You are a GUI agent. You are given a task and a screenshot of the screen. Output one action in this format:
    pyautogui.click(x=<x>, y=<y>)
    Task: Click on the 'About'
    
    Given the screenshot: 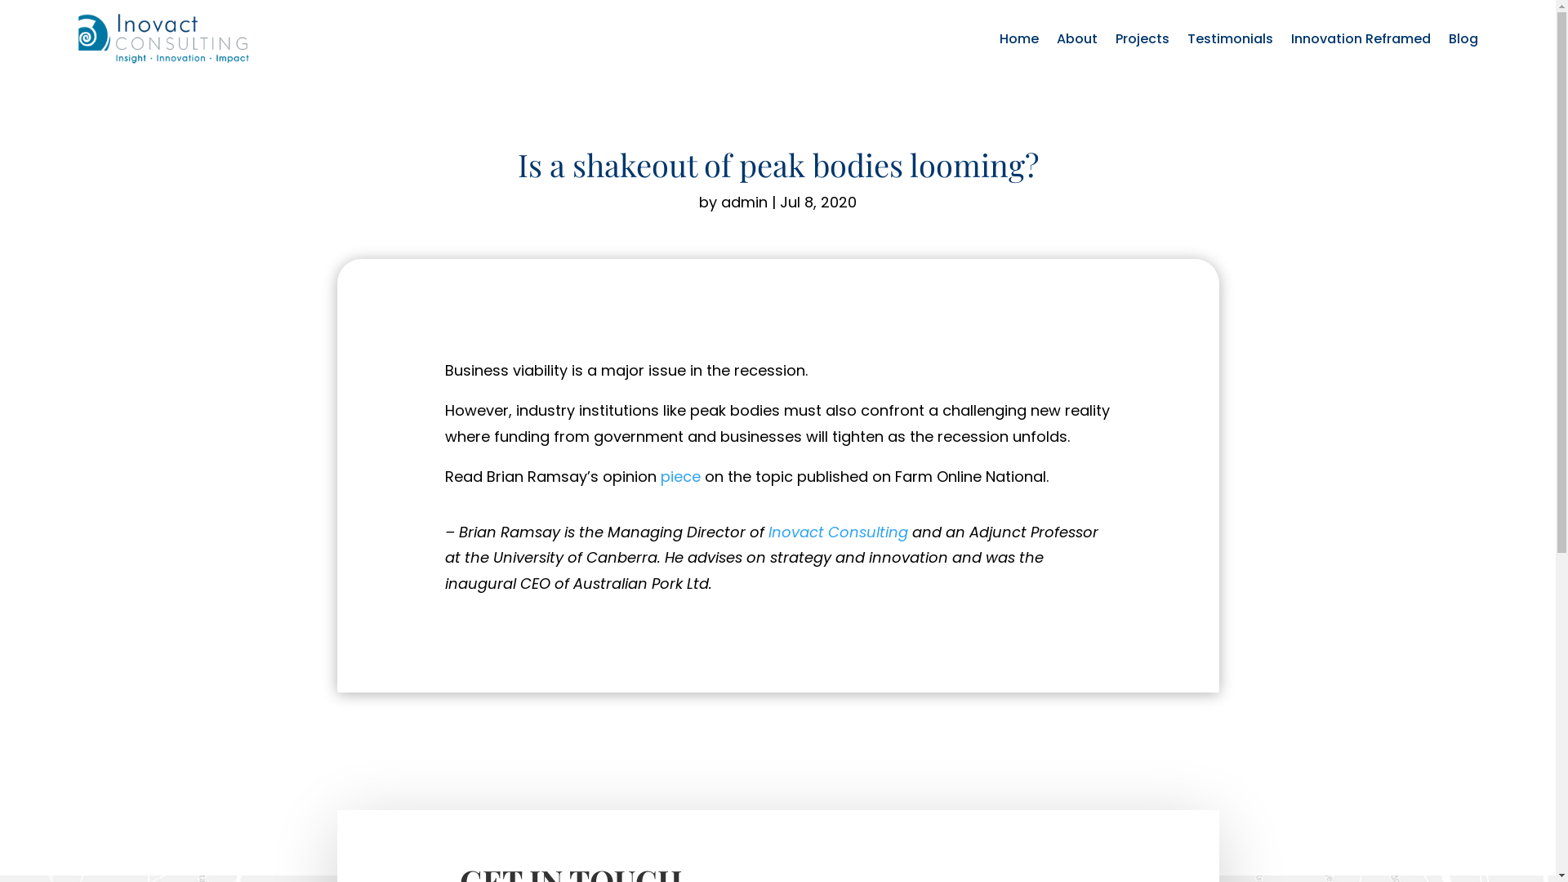 What is the action you would take?
    pyautogui.click(x=1057, y=38)
    